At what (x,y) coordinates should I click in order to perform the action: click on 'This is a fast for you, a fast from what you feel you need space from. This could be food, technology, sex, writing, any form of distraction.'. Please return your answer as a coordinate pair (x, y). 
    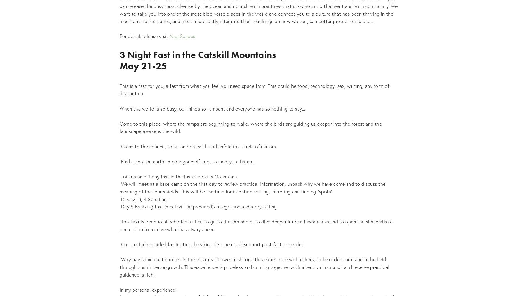
    Looking at the image, I should click on (255, 89).